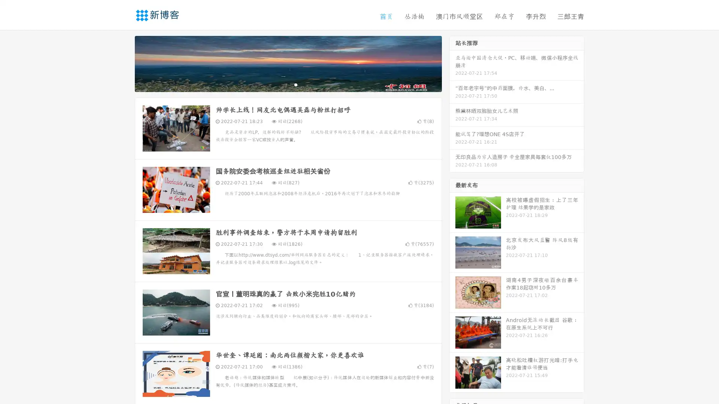 This screenshot has height=404, width=719. Describe the element at coordinates (288, 84) in the screenshot. I see `Go to slide 2` at that location.